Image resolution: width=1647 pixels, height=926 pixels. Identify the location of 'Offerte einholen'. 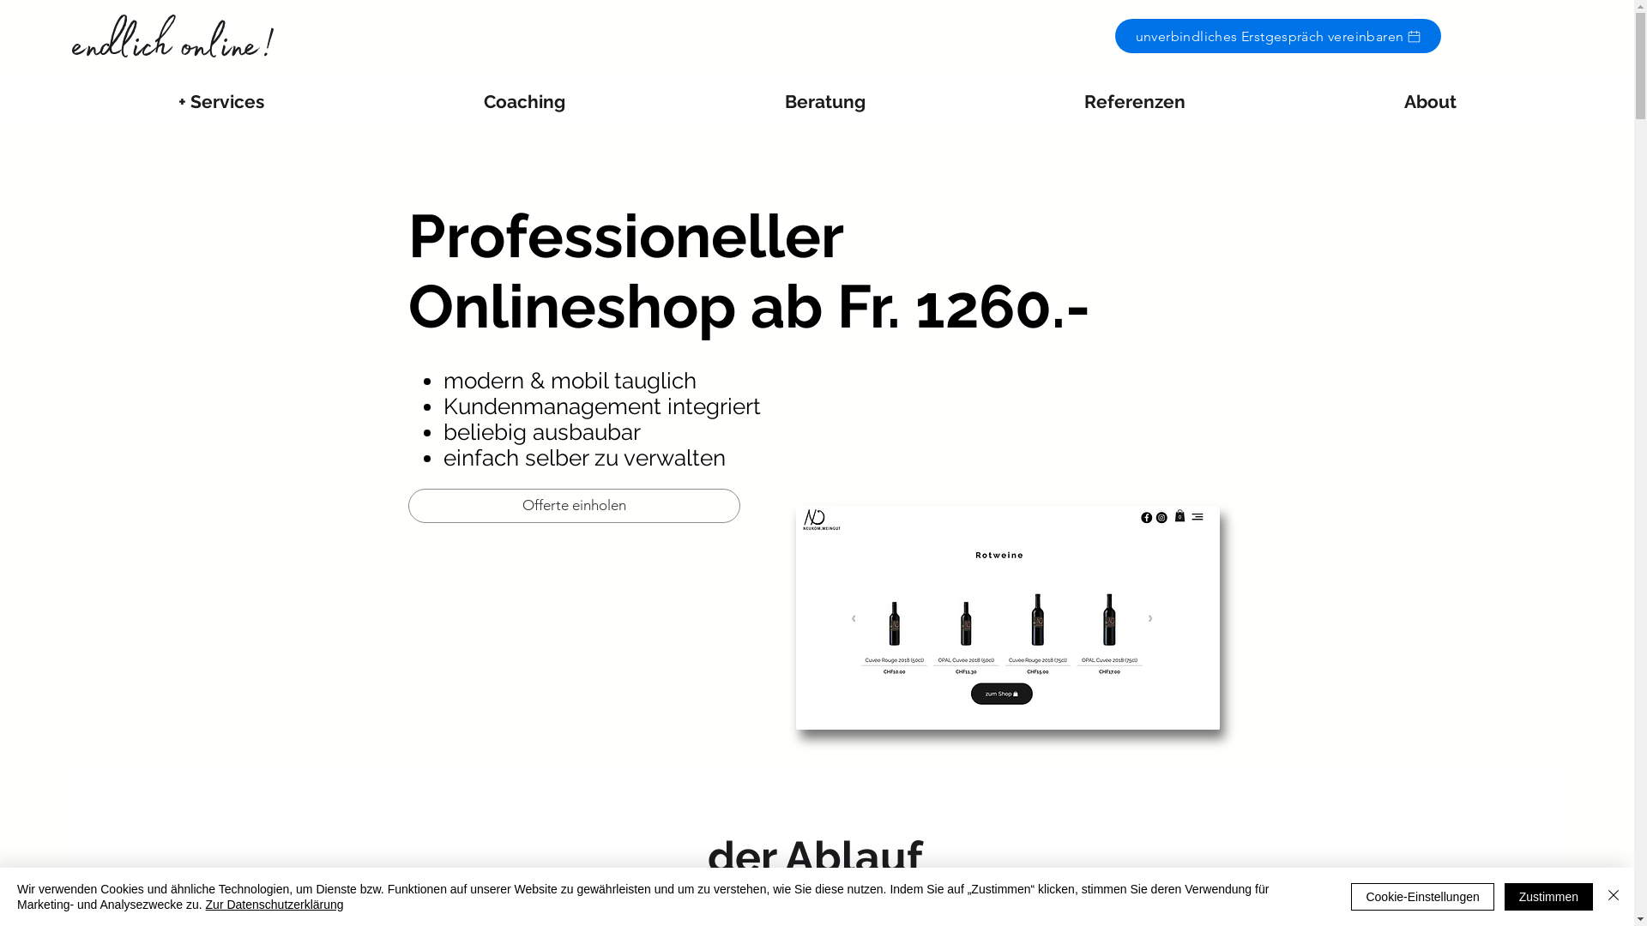
(574, 505).